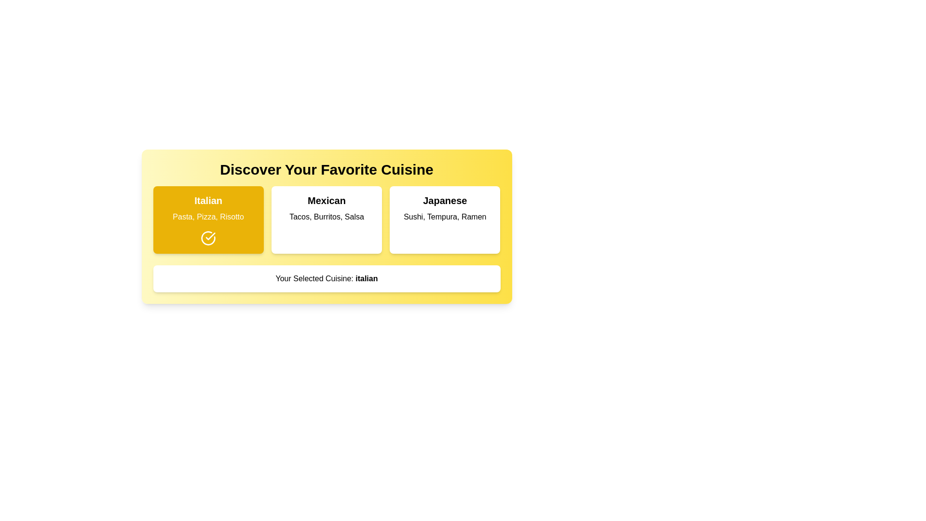  I want to click on the static text element displaying 'Mexican' with the description 'Tacos, Burritos, Salsa', located in the middle card of three horizontally aligned cards, so click(327, 208).